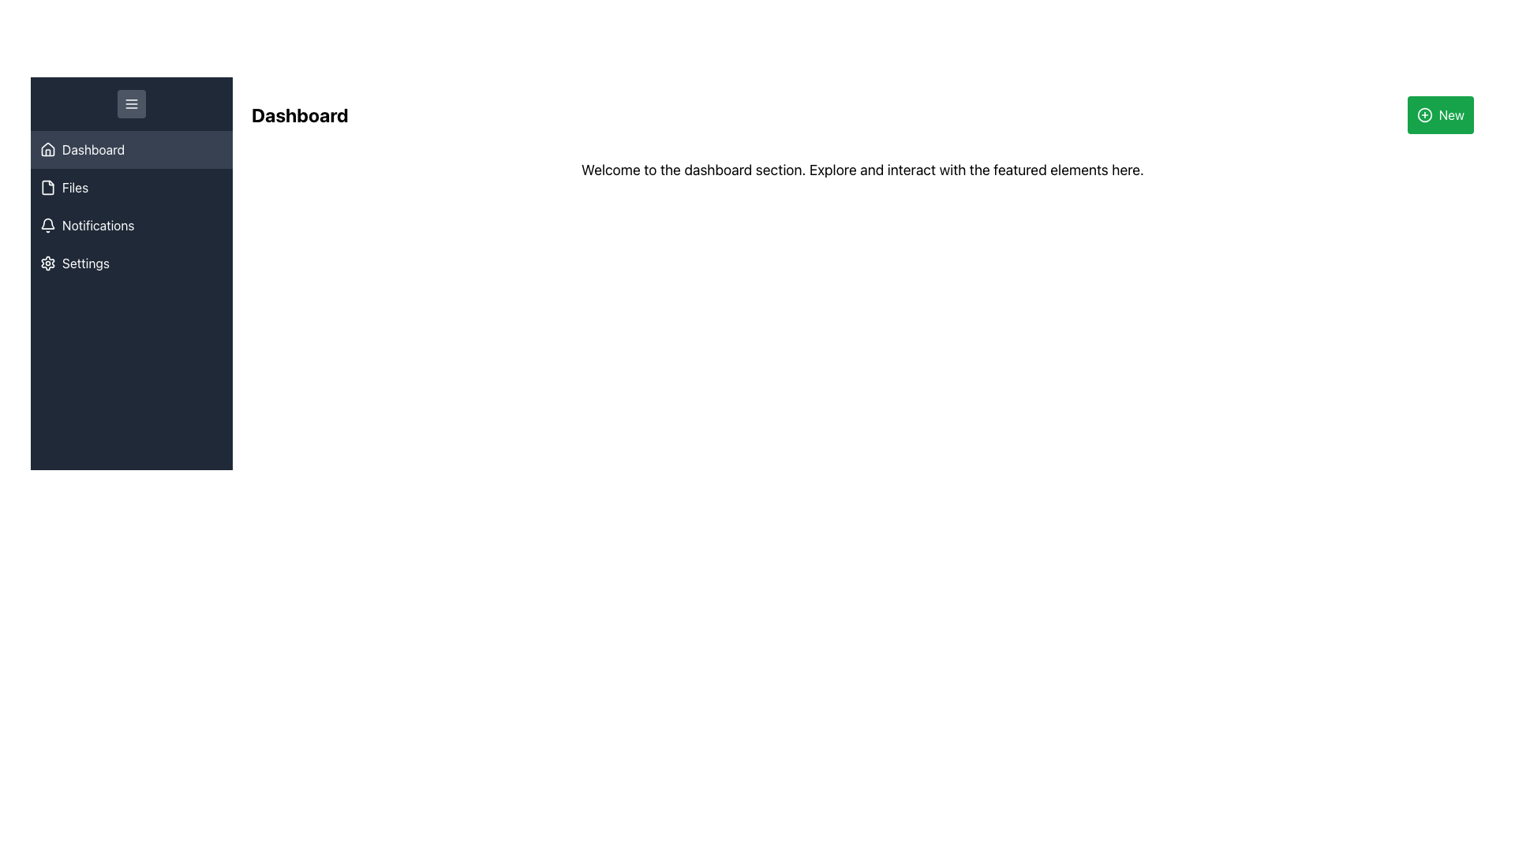 This screenshot has height=852, width=1515. What do you see at coordinates (1424, 114) in the screenshot?
I see `the circular icon with a plus symbol inside the green button labeled 'New', located in the top-right corner of the interface` at bounding box center [1424, 114].